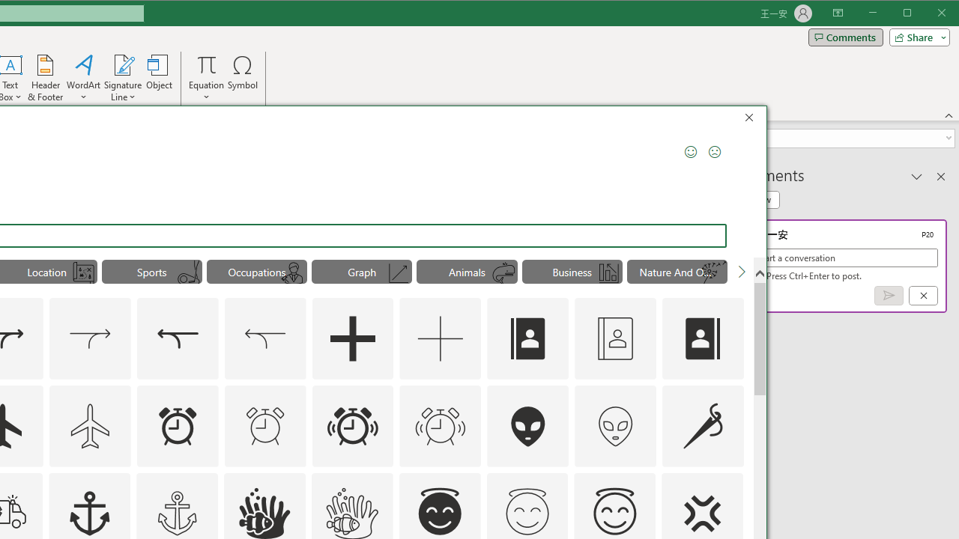 This screenshot has width=959, height=539. I want to click on 'Symbol...', so click(243, 78).